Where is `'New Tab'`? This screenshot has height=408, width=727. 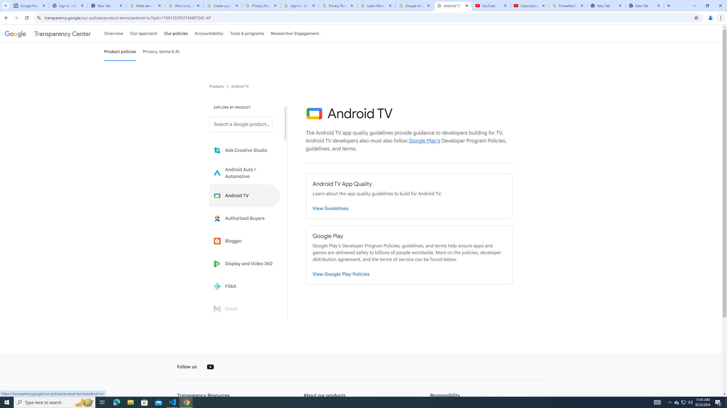
'New Tab' is located at coordinates (645, 5).